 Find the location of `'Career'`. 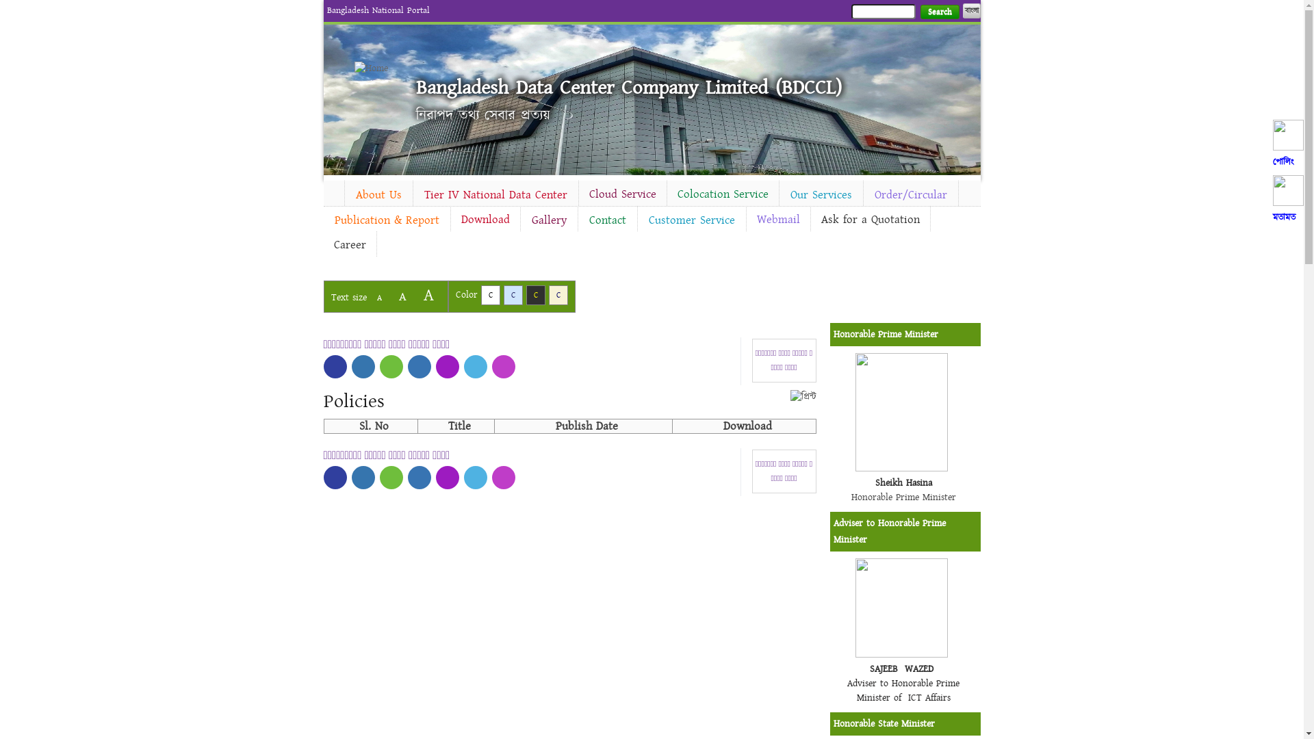

'Career' is located at coordinates (349, 244).